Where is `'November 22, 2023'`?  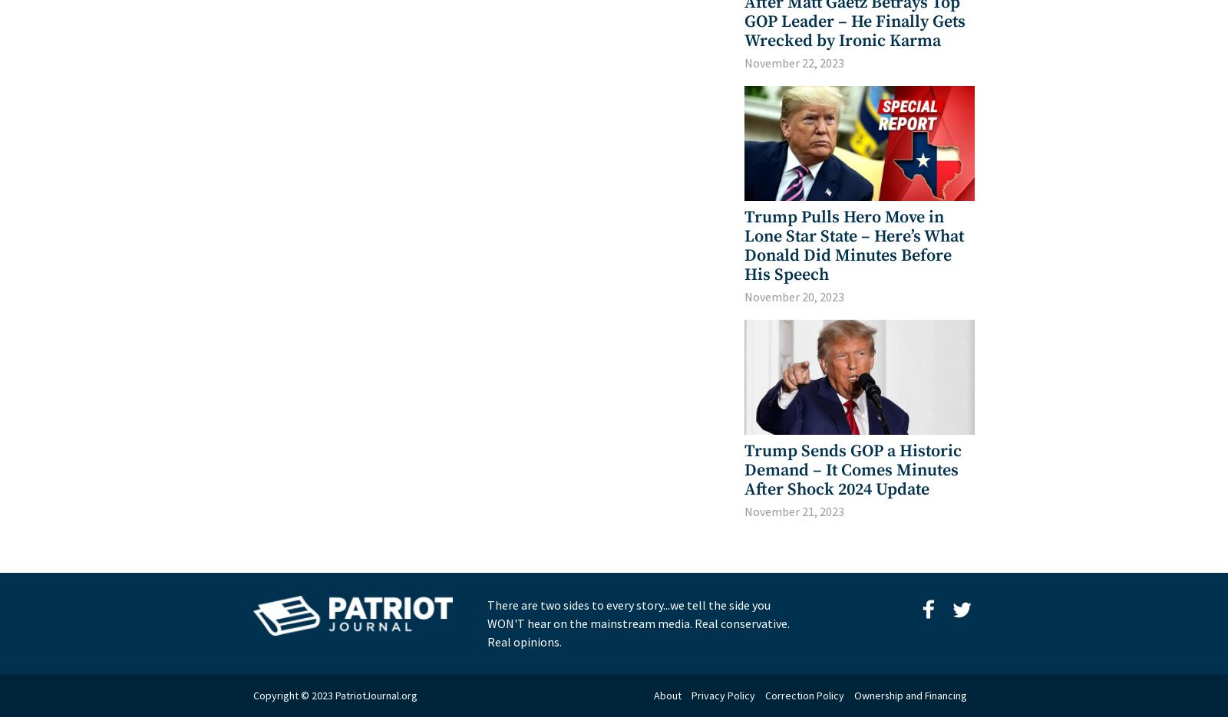
'November 22, 2023' is located at coordinates (743, 62).